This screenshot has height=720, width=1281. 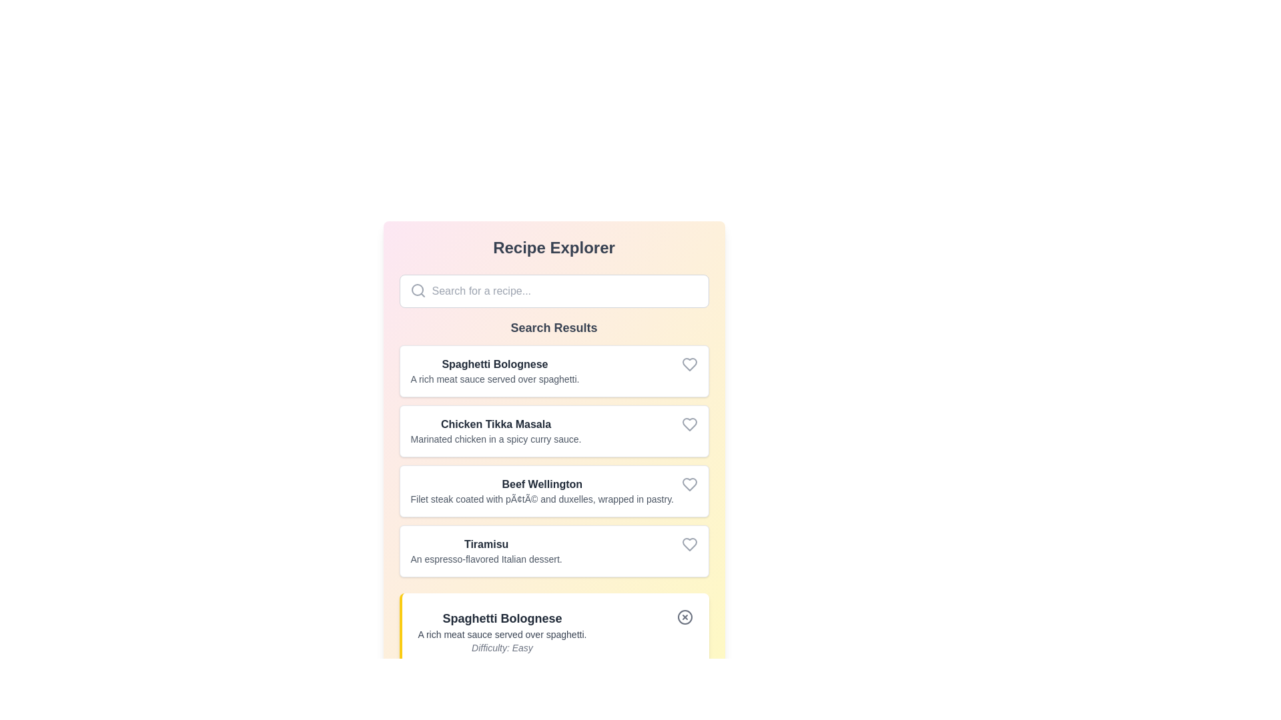 What do you see at coordinates (542, 491) in the screenshot?
I see `the text block displaying the recipe 'Beef Wellington,' which is the third entry in the vertical list of items under the 'Search Results' section` at bounding box center [542, 491].